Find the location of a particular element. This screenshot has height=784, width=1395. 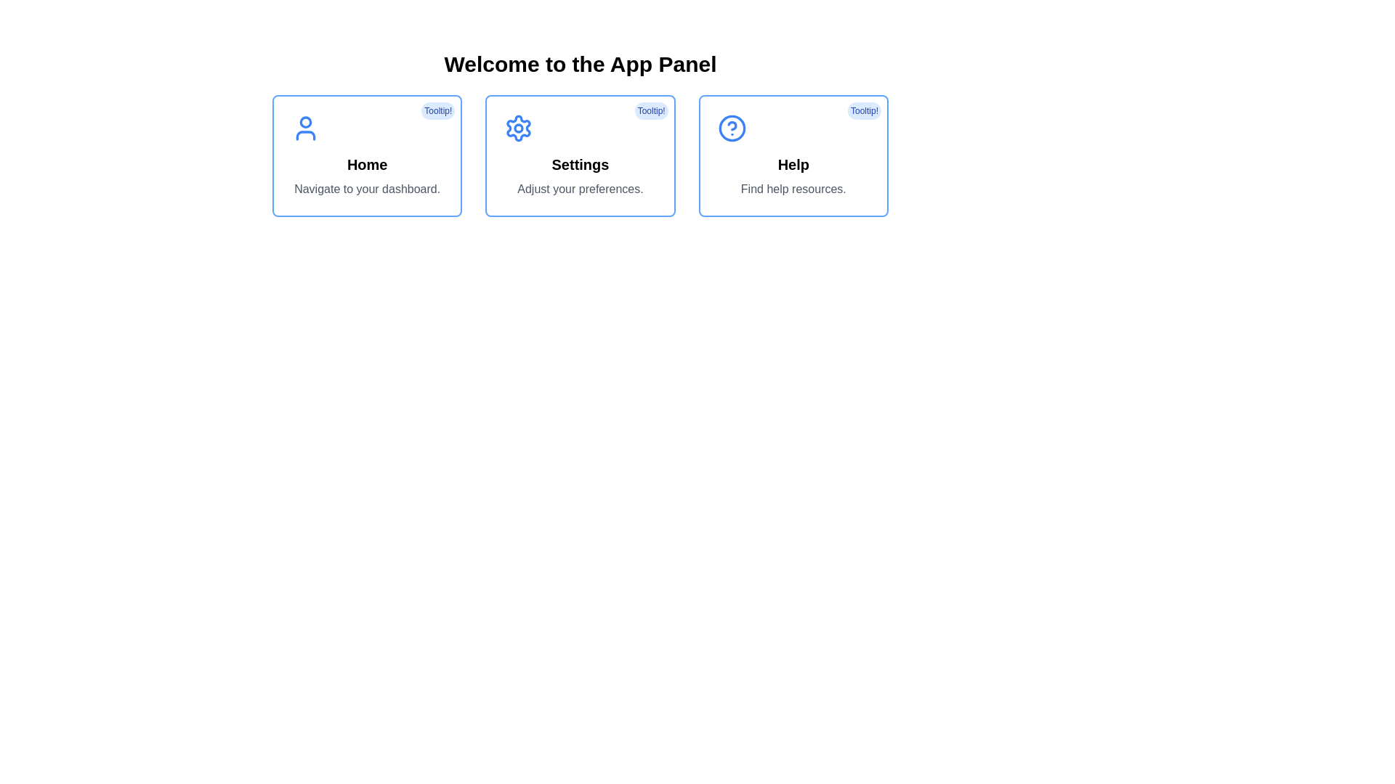

the large heading with the text 'Welcome to the App Panel' which is positioned at the top center of the interface is located at coordinates (579, 63).